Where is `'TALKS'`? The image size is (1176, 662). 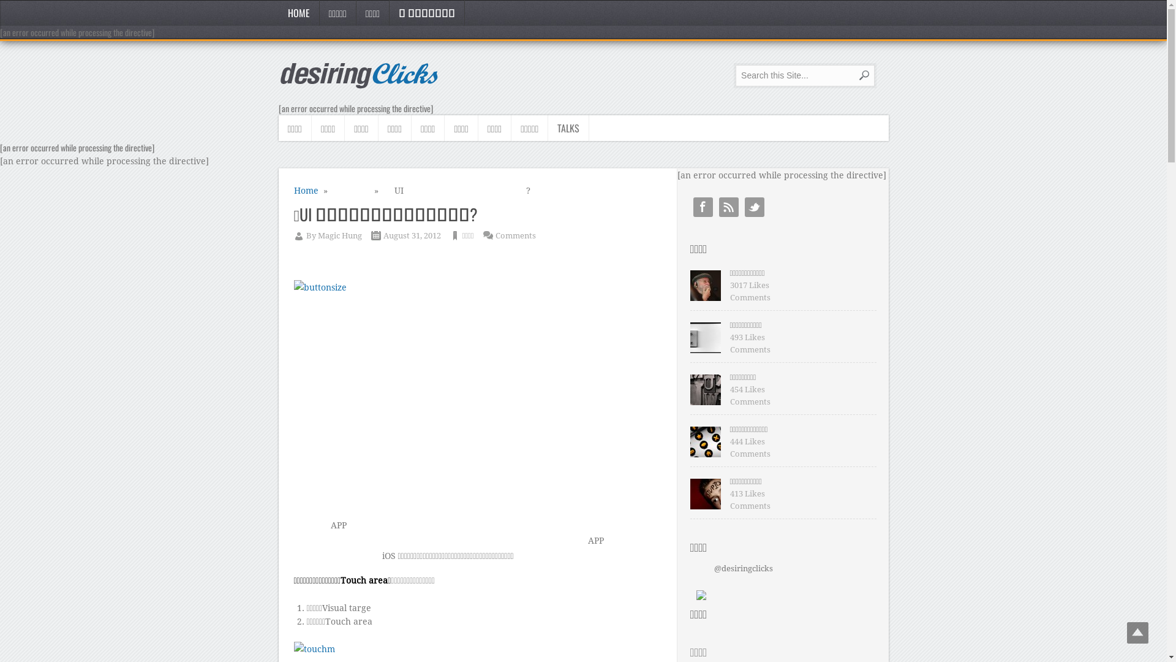
'TALKS' is located at coordinates (547, 127).